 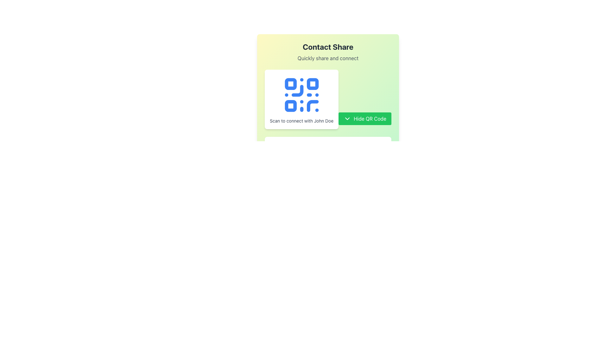 What do you see at coordinates (365, 118) in the screenshot?
I see `the button located at the bottom-right corner of the QR code panel to observe hover effects` at bounding box center [365, 118].